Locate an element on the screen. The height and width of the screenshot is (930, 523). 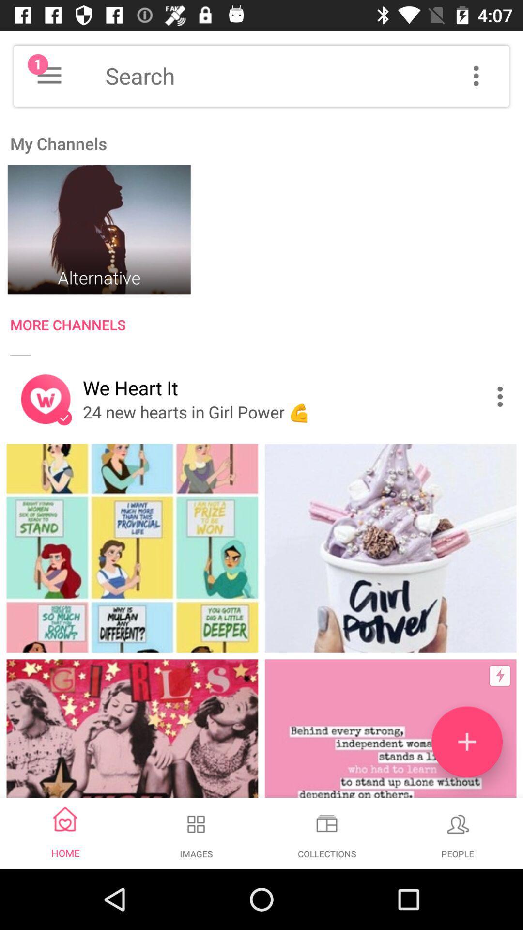
the red color text more channels below image is located at coordinates (266, 327).